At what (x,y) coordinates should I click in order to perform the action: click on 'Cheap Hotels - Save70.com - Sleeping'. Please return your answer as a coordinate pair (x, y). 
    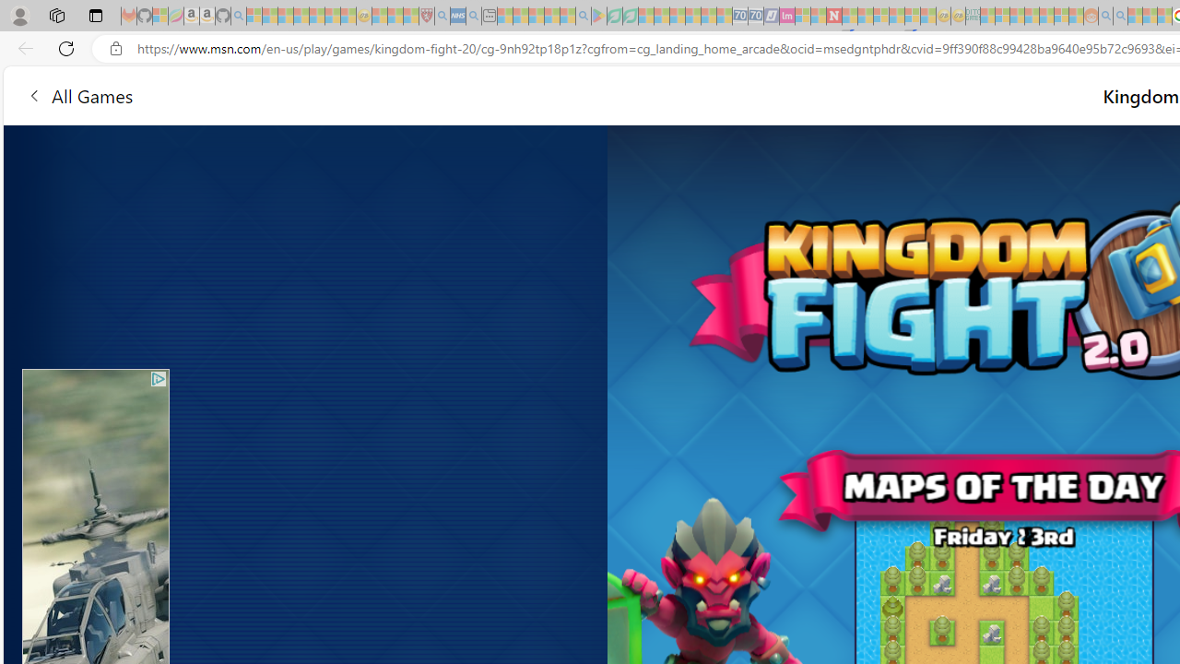
    Looking at the image, I should click on (755, 16).